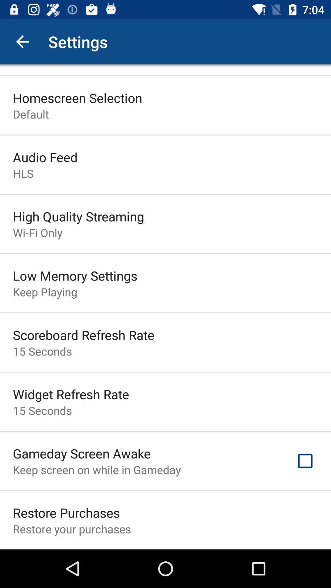 The height and width of the screenshot is (588, 331). Describe the element at coordinates (75, 275) in the screenshot. I see `the item above the keep playing item` at that location.